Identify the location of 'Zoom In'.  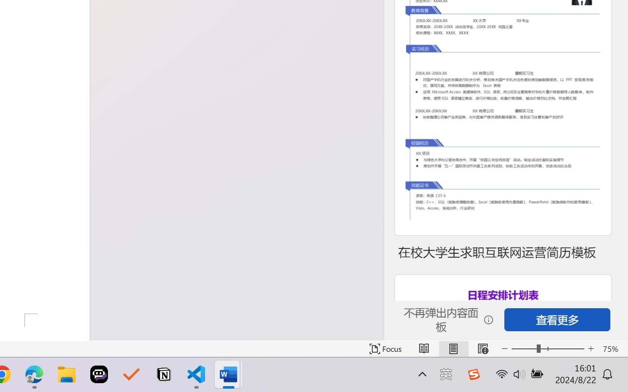
(591, 348).